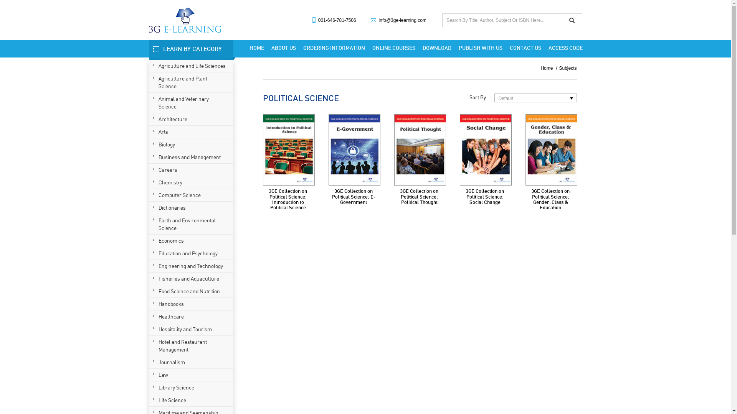 The image size is (737, 414). What do you see at coordinates (150, 156) in the screenshot?
I see `'Business and Management'` at bounding box center [150, 156].